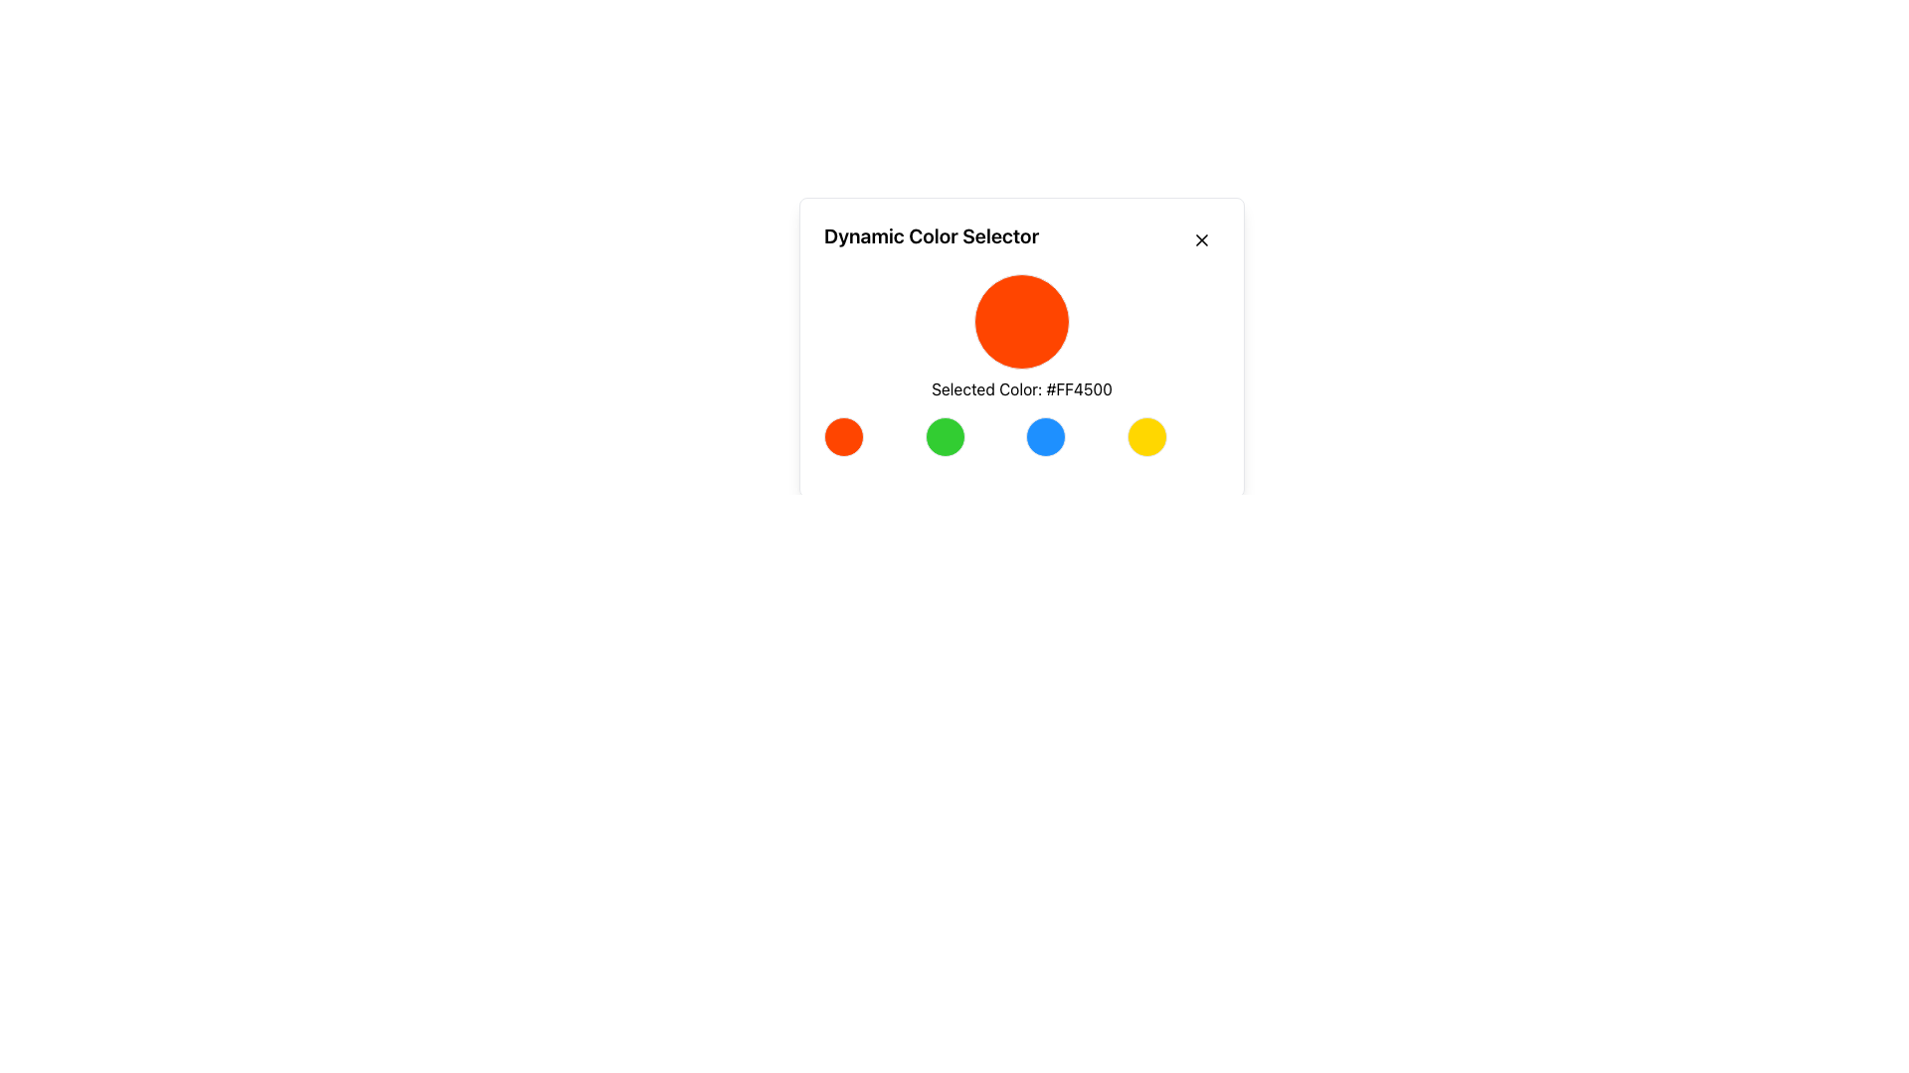 This screenshot has width=1909, height=1073. What do you see at coordinates (1021, 239) in the screenshot?
I see `title 'Dynamic Color Selector' from the header element, which includes a close button on the right side` at bounding box center [1021, 239].